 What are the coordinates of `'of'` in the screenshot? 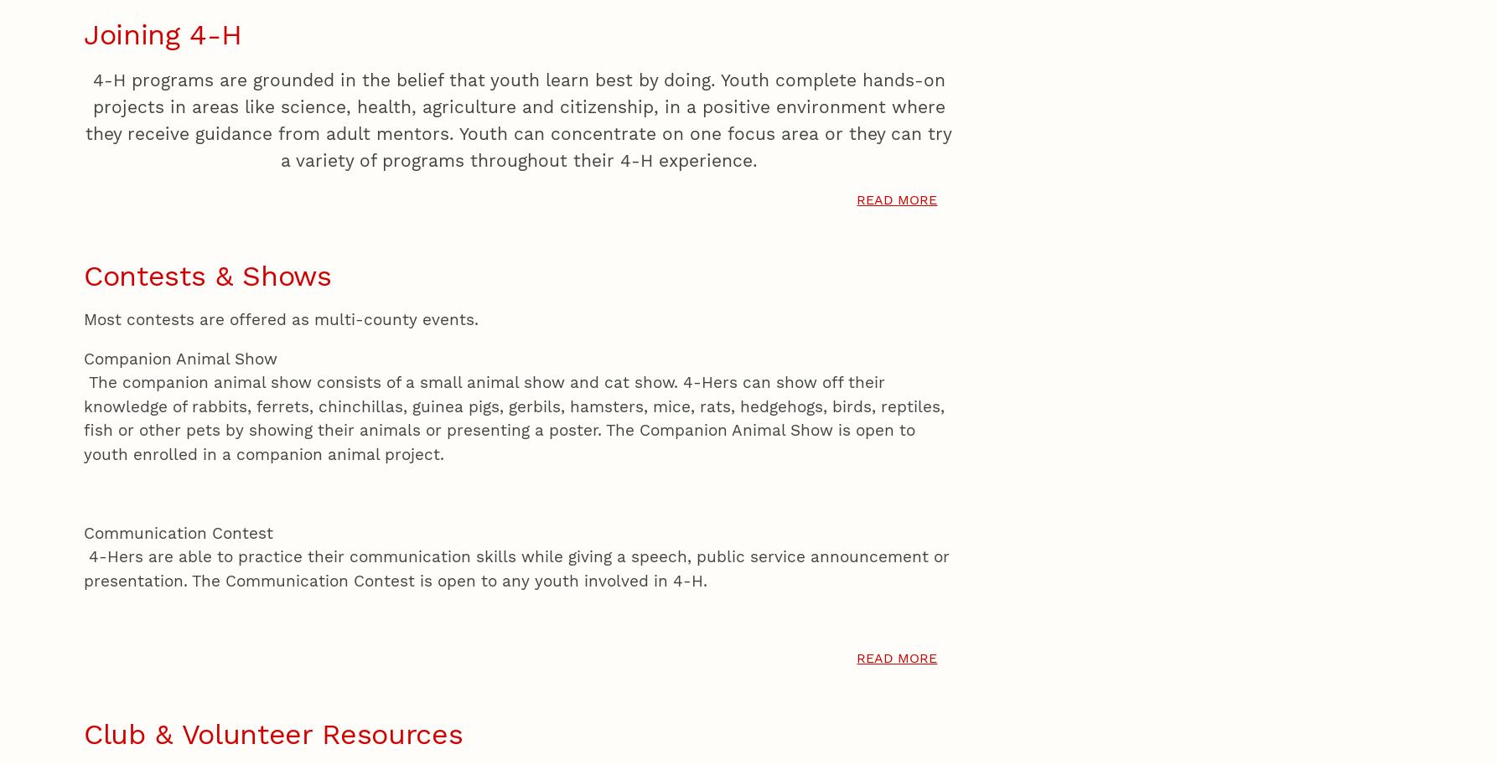 It's located at (182, 156).